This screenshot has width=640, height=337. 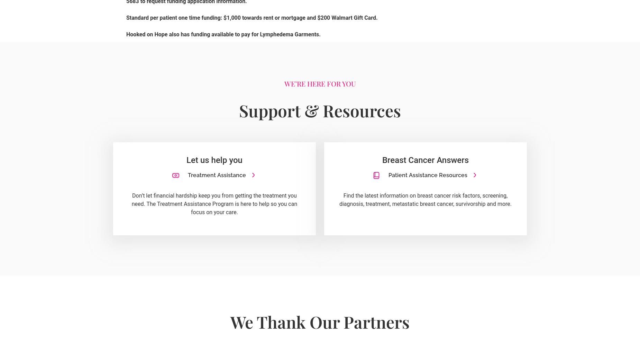 What do you see at coordinates (291, 34) in the screenshot?
I see `'Lymphedema Garments.'` at bounding box center [291, 34].